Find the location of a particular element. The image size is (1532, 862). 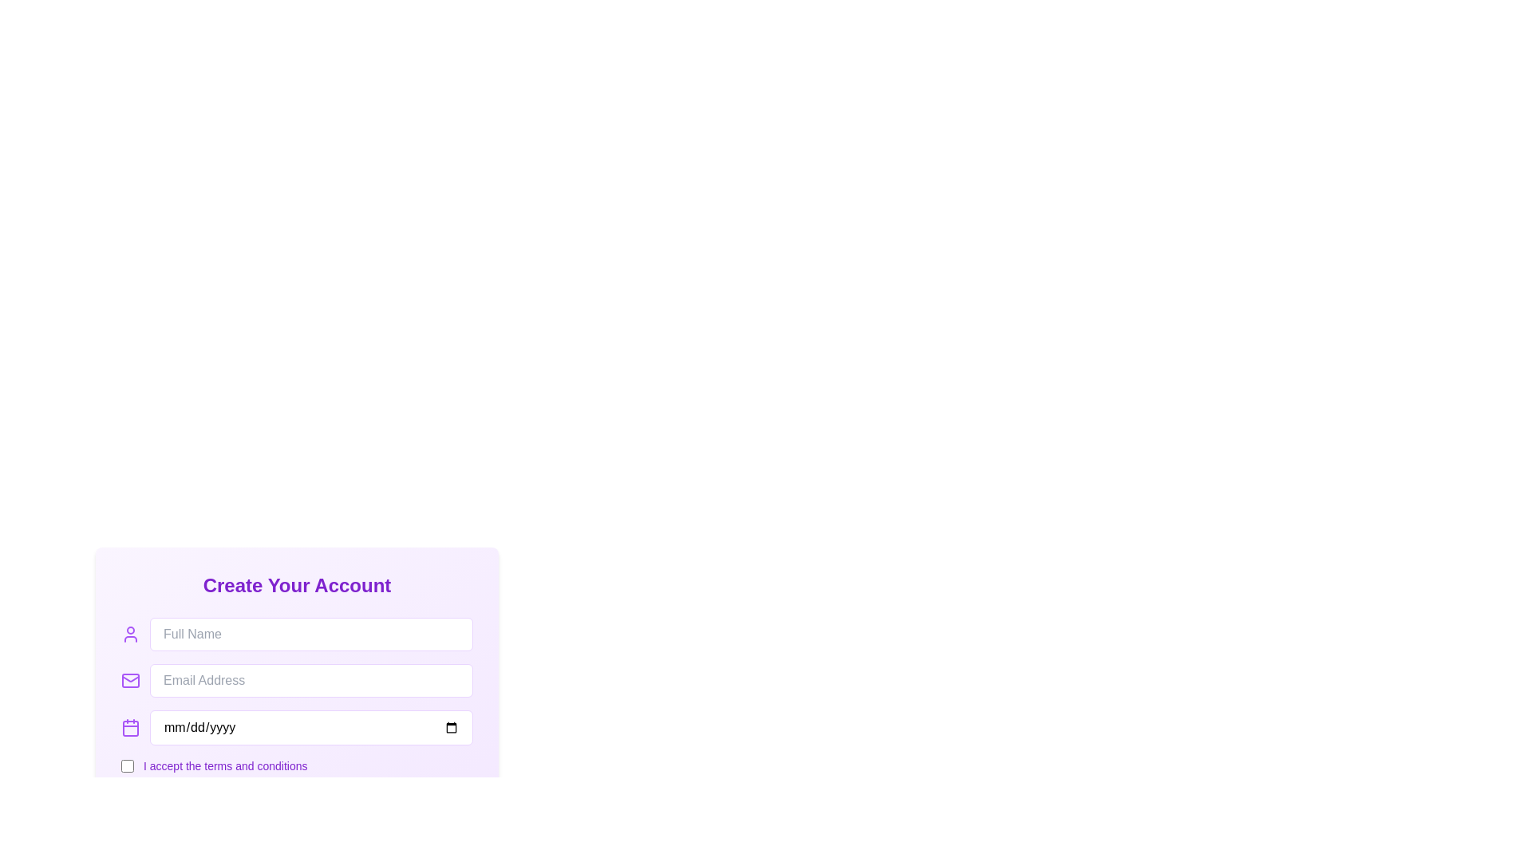

the user icon that visually indicates the purpose of the adjacent input field for entering a person's name in the user registration form is located at coordinates (130, 633).